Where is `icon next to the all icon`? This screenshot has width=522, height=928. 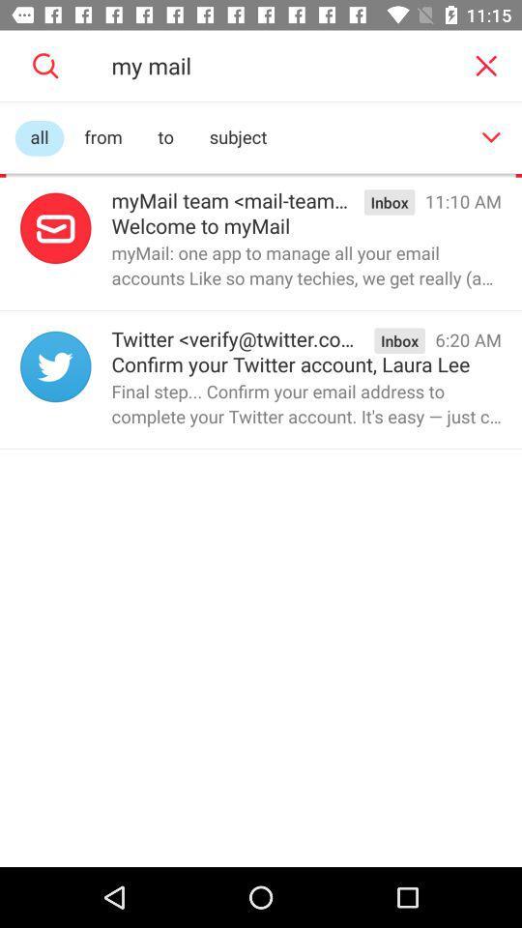
icon next to the all icon is located at coordinates (103, 137).